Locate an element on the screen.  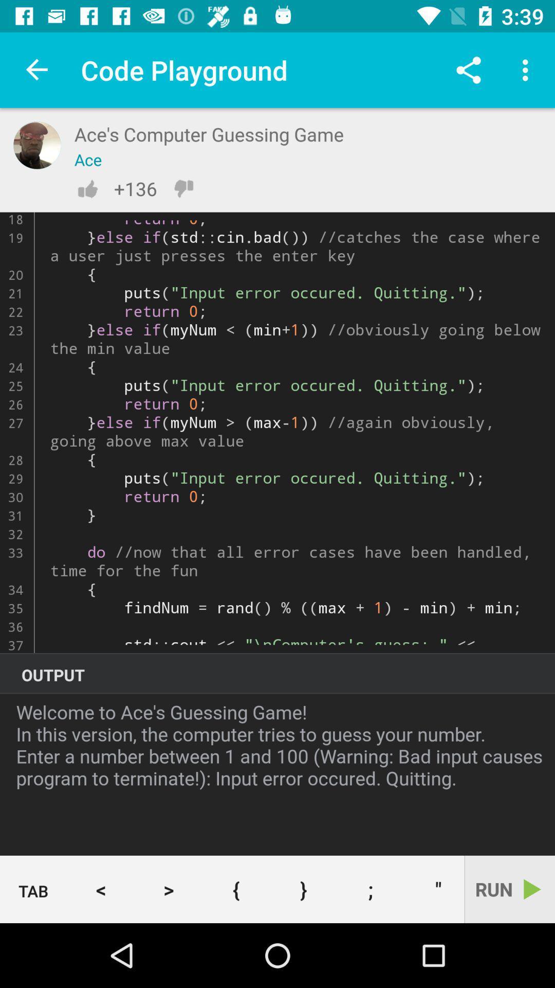
like the code is located at coordinates (87, 188).